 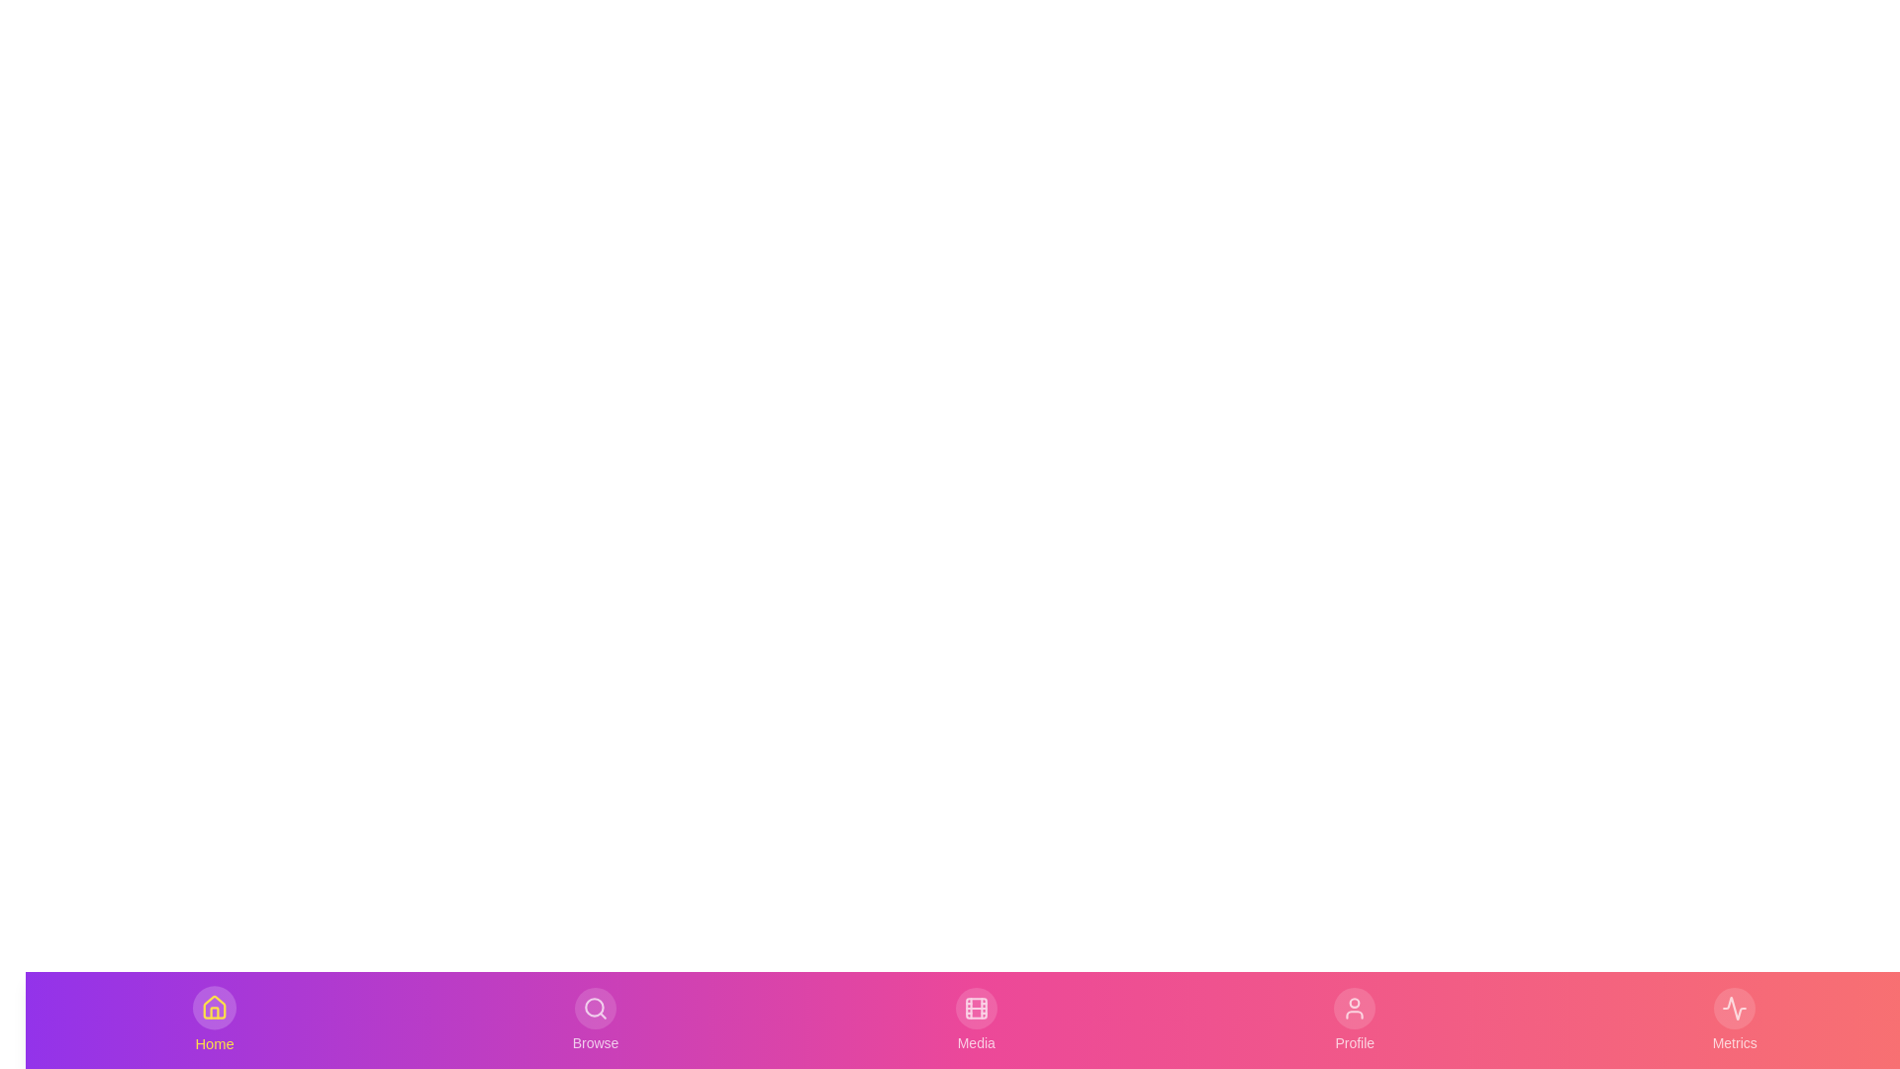 I want to click on the Home tab to activate it, so click(x=214, y=1020).